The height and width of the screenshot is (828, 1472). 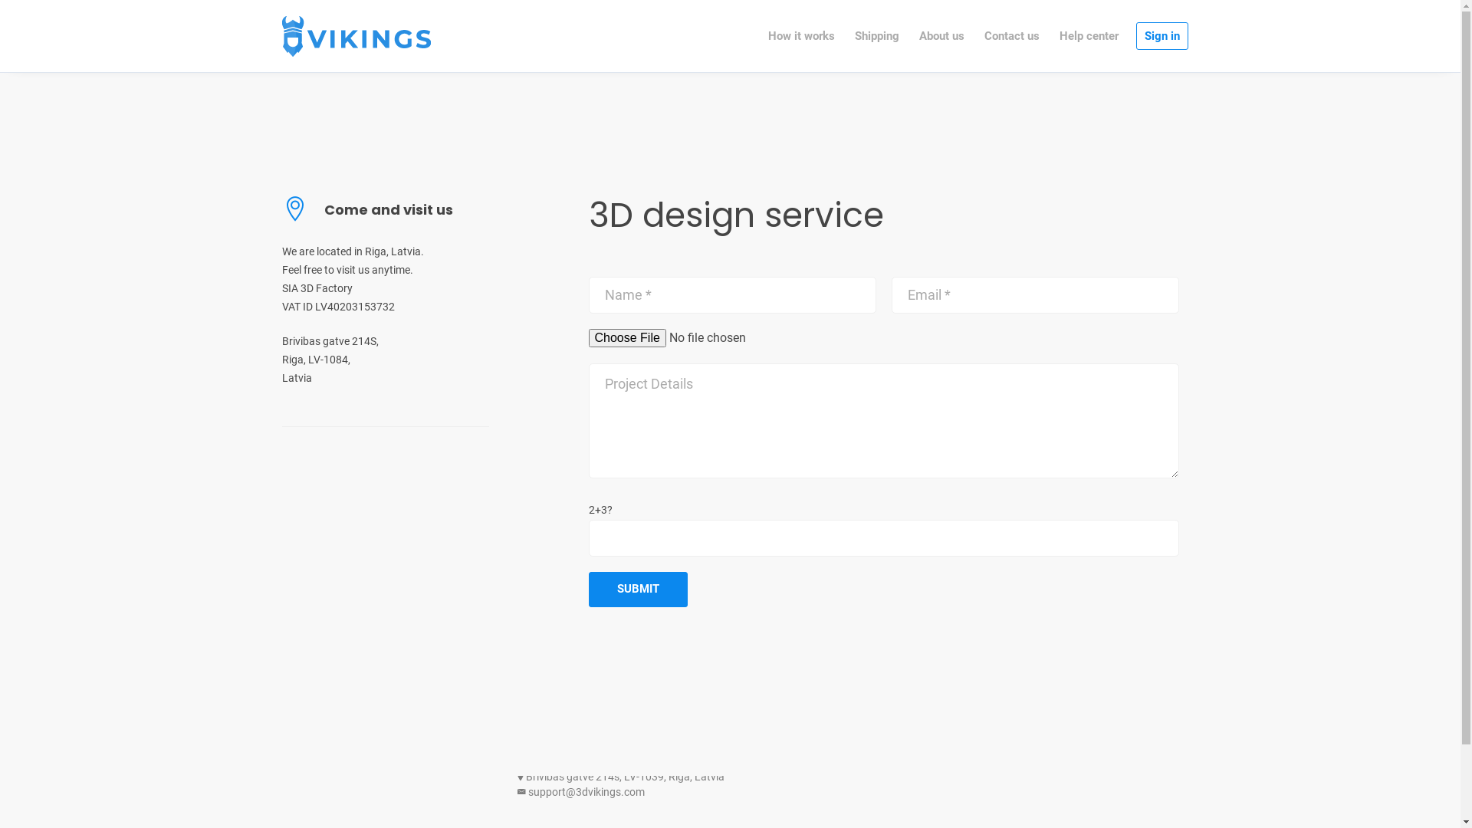 I want to click on 'Help center', so click(x=1088, y=34).